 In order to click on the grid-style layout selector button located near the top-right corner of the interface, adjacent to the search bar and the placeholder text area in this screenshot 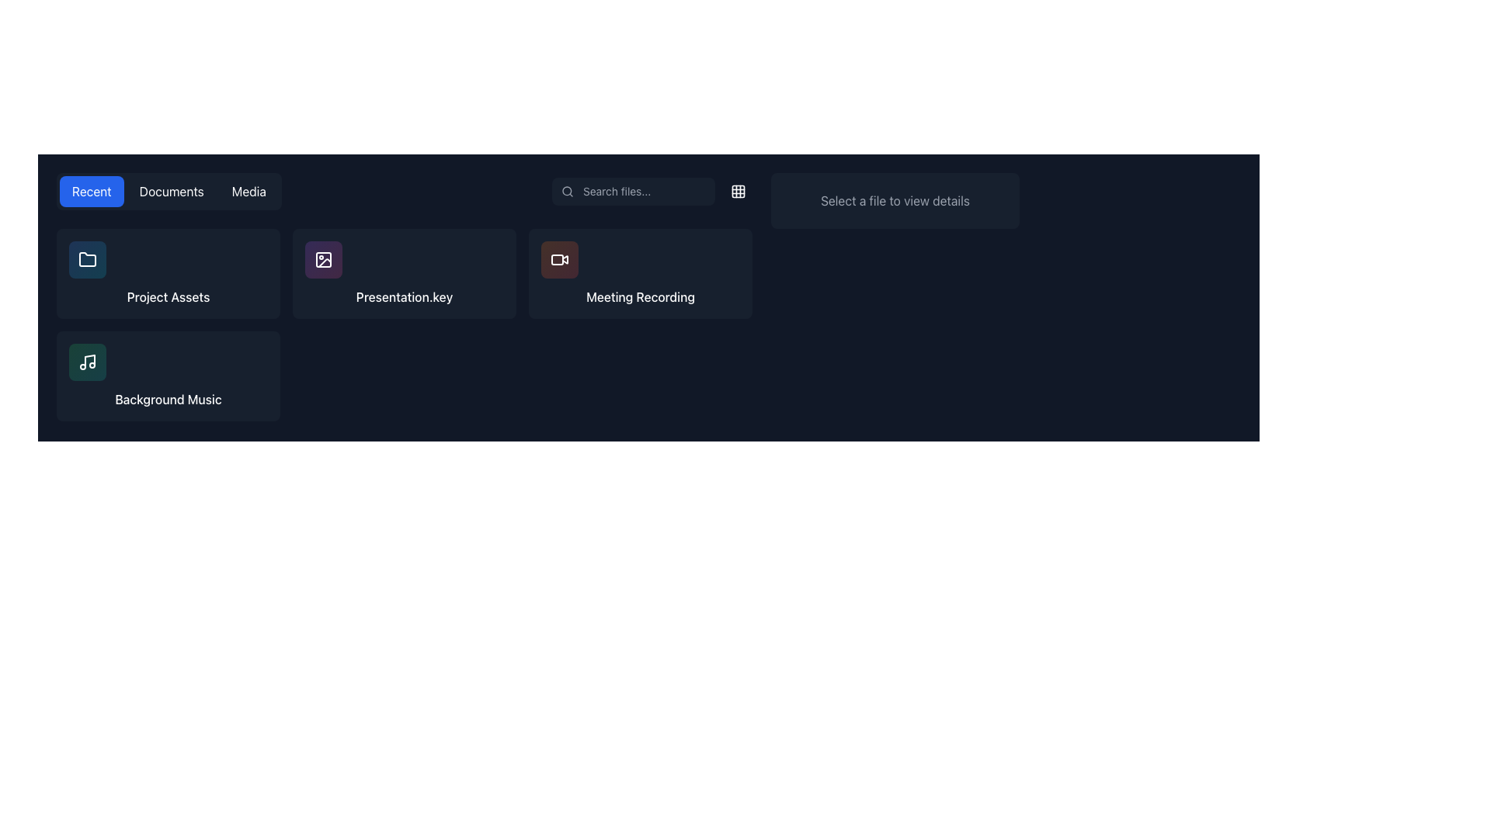, I will do `click(737, 190)`.